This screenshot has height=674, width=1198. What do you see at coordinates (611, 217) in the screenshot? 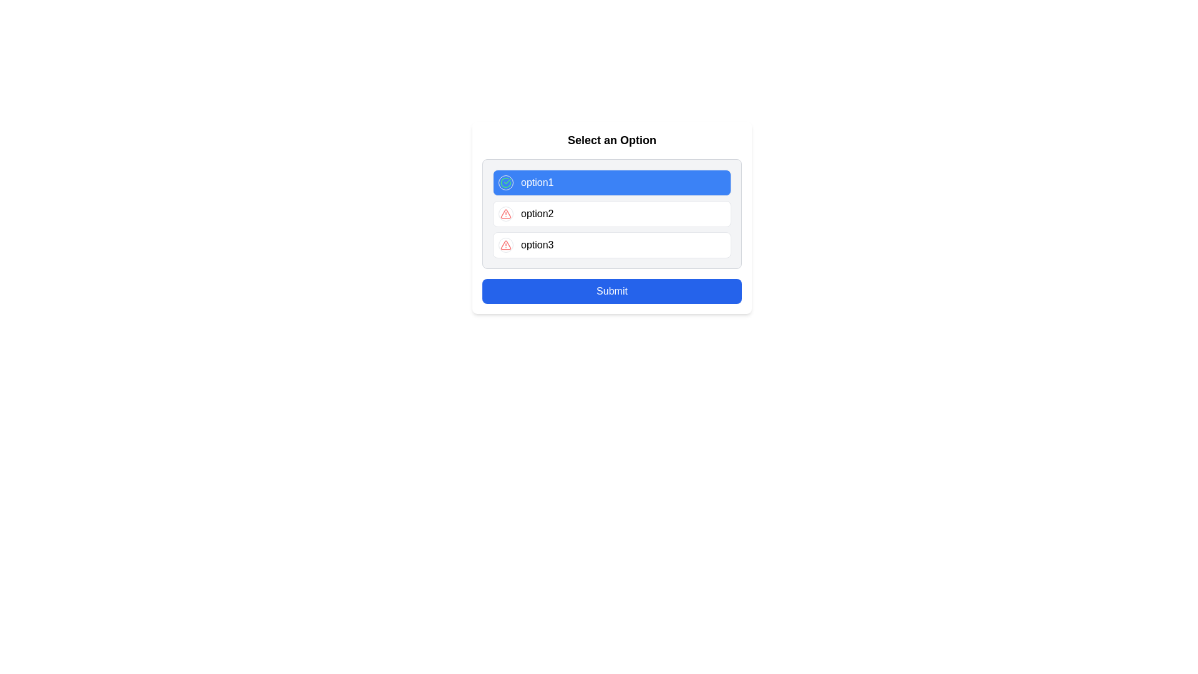
I see `the selectable list item representing 'option2'` at bounding box center [611, 217].